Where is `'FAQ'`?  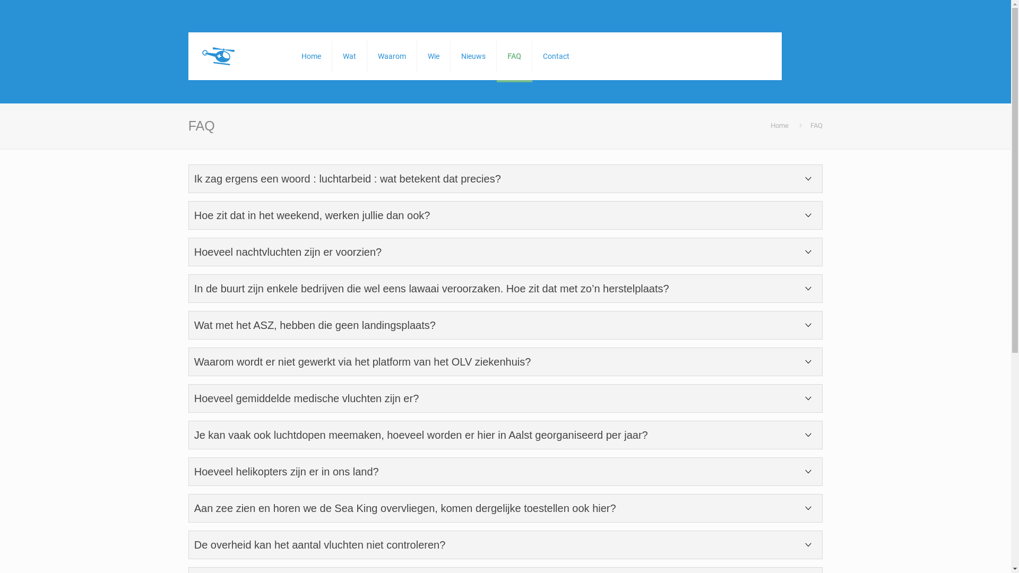
'FAQ' is located at coordinates (514, 56).